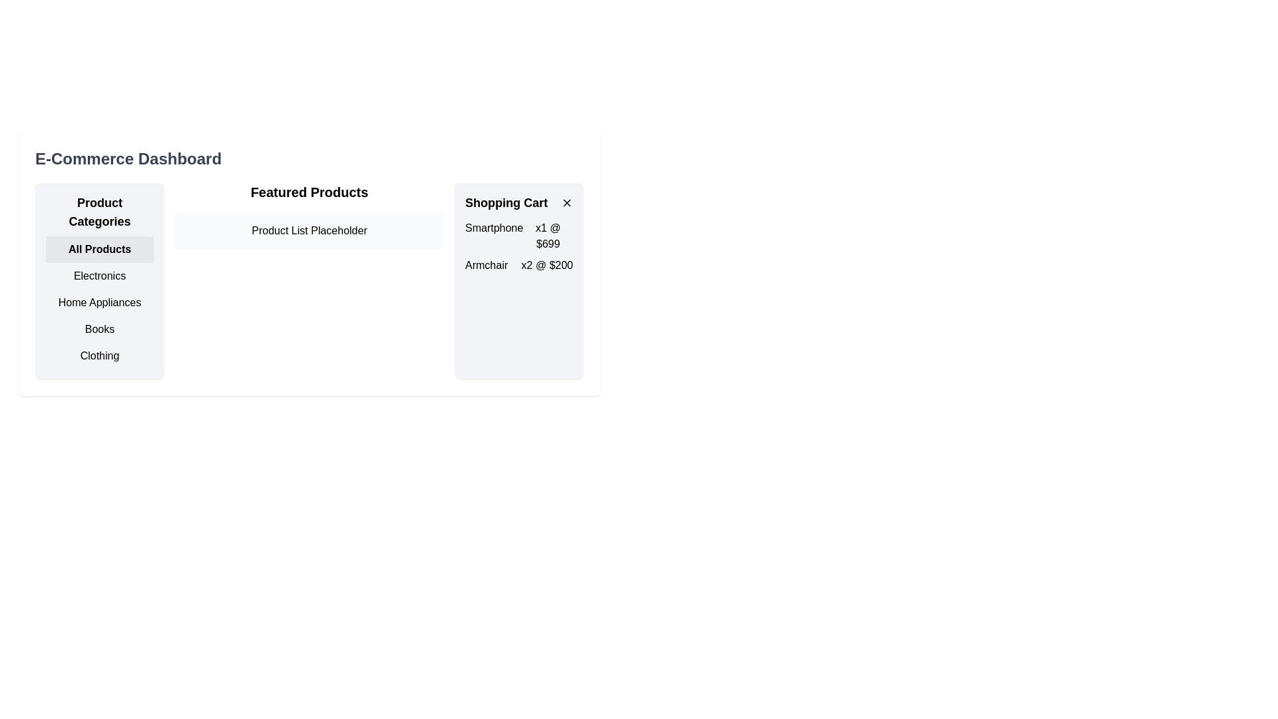 This screenshot has width=1278, height=719. I want to click on the static text display showing the details of the second shopping cart item, which includes its name, quantity, and total price, to select it, so click(518, 265).